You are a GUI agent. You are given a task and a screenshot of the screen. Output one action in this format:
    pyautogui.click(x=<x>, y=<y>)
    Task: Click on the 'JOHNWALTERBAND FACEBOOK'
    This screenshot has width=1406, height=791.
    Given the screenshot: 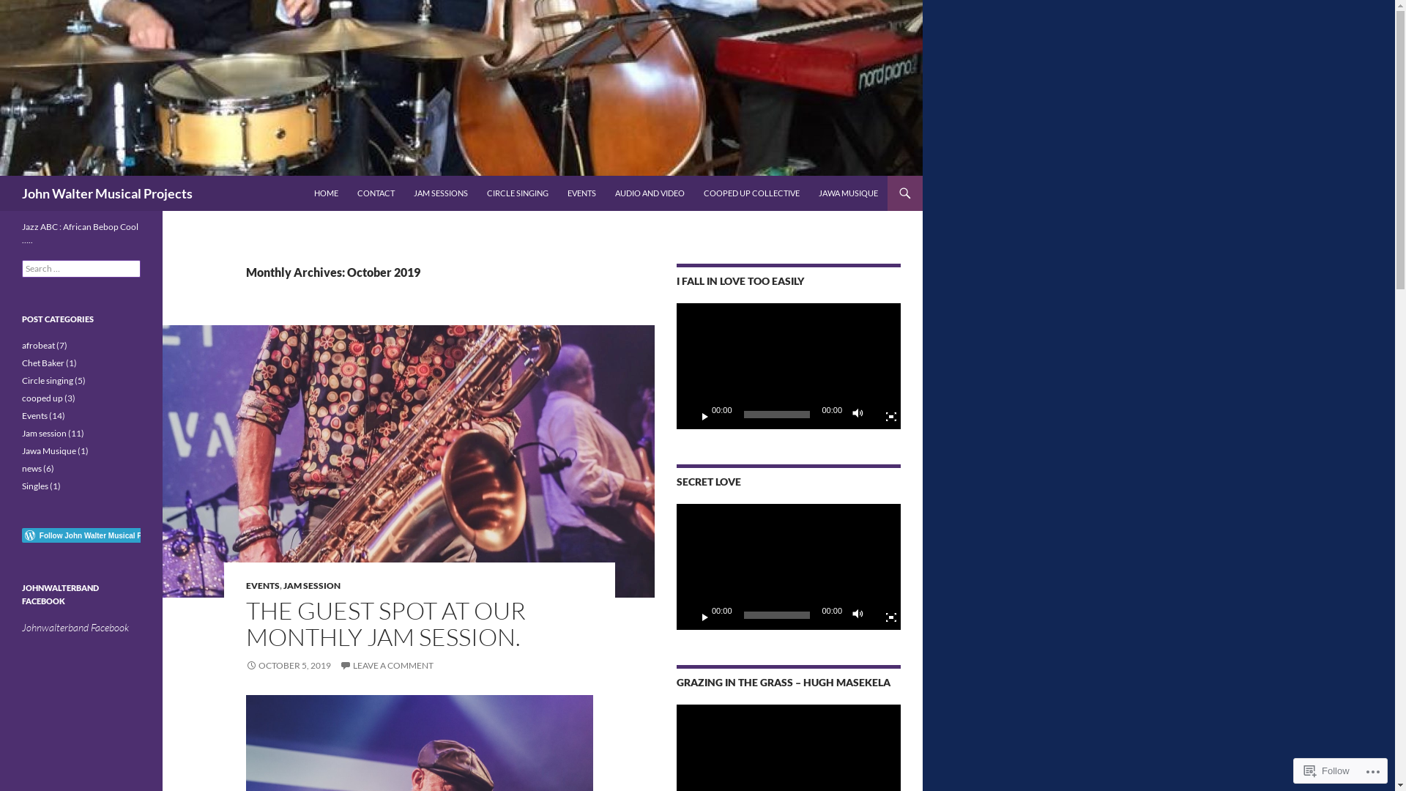 What is the action you would take?
    pyautogui.click(x=59, y=594)
    